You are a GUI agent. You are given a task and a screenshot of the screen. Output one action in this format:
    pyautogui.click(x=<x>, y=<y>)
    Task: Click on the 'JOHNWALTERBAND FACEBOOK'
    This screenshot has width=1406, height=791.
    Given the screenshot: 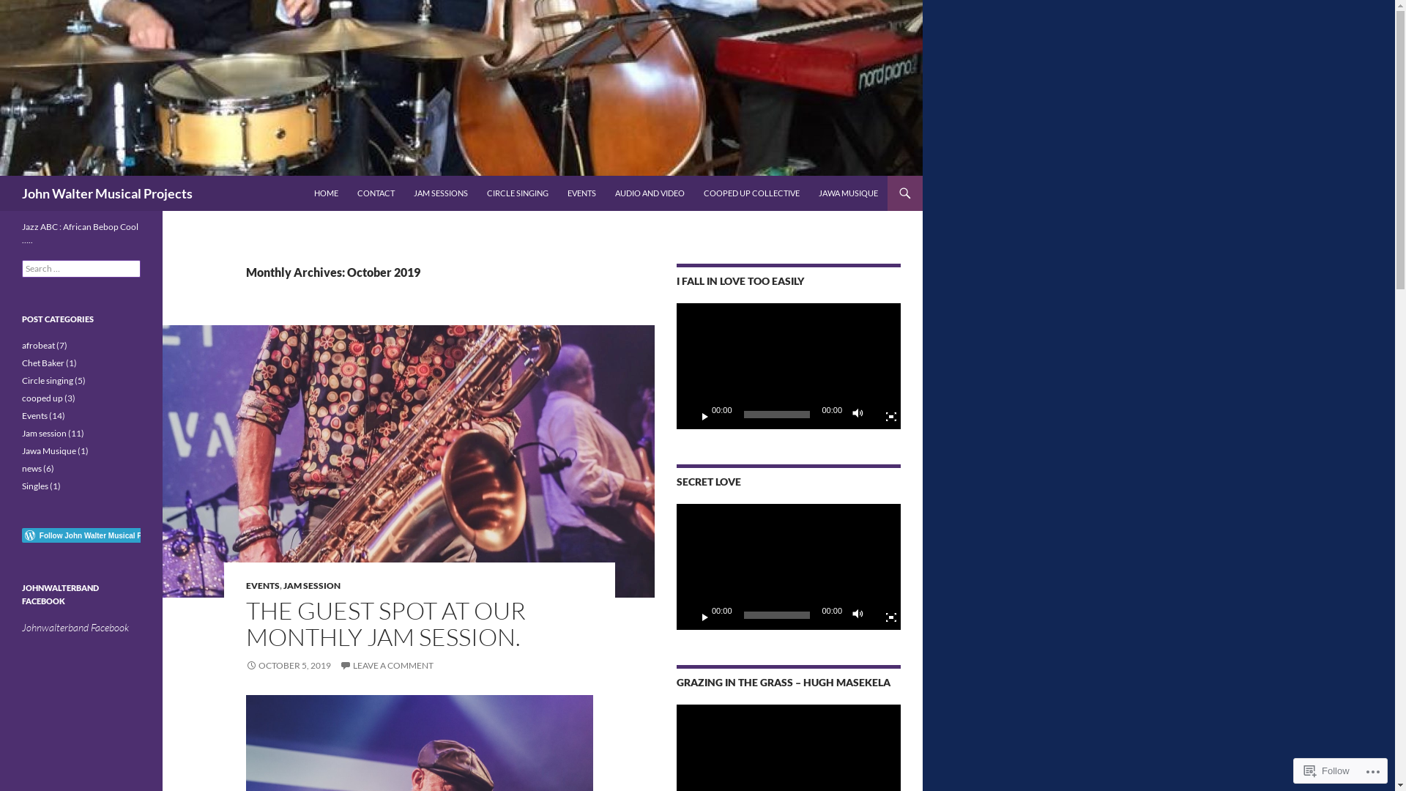 What is the action you would take?
    pyautogui.click(x=59, y=594)
    